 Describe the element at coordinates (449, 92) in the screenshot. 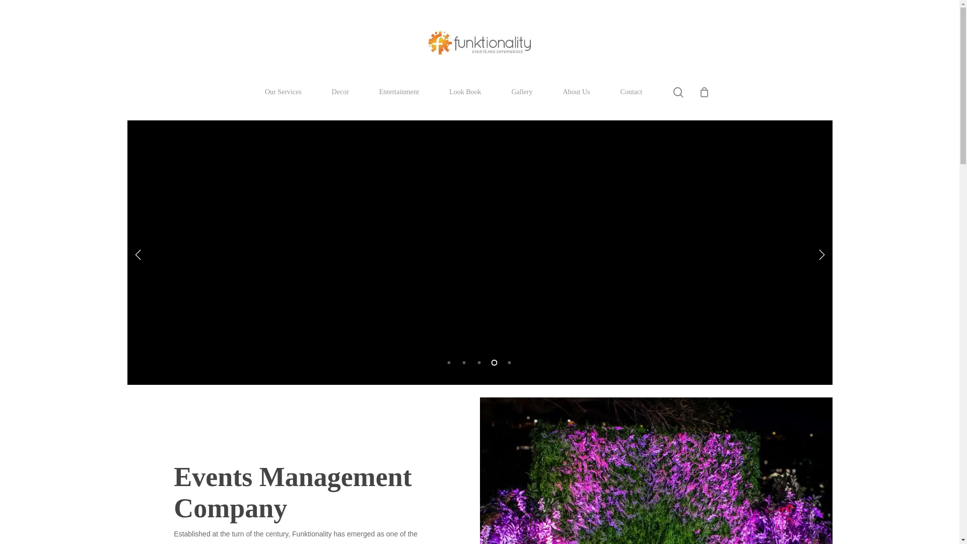

I see `'Look Book'` at that location.